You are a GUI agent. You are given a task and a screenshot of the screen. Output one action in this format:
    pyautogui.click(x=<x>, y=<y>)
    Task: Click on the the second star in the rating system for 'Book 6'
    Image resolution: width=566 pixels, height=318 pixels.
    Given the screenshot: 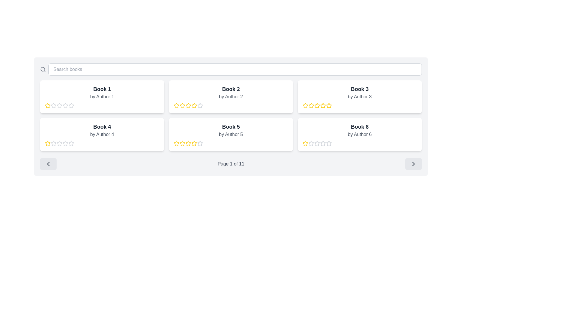 What is the action you would take?
    pyautogui.click(x=311, y=143)
    